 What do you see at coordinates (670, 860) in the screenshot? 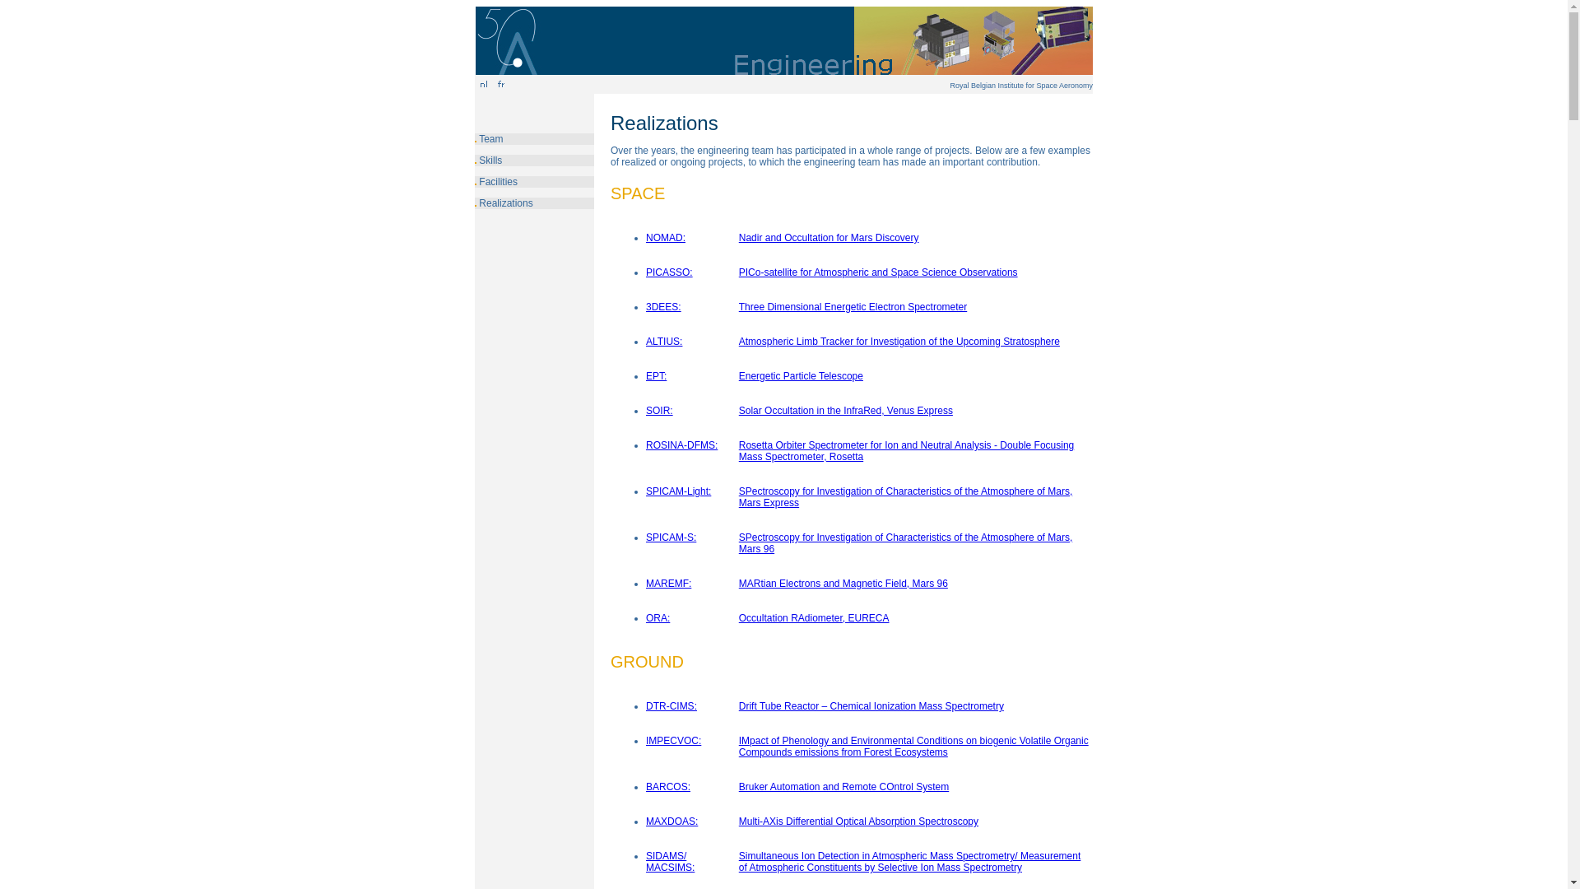
I see `'SIDAMS/` at bounding box center [670, 860].